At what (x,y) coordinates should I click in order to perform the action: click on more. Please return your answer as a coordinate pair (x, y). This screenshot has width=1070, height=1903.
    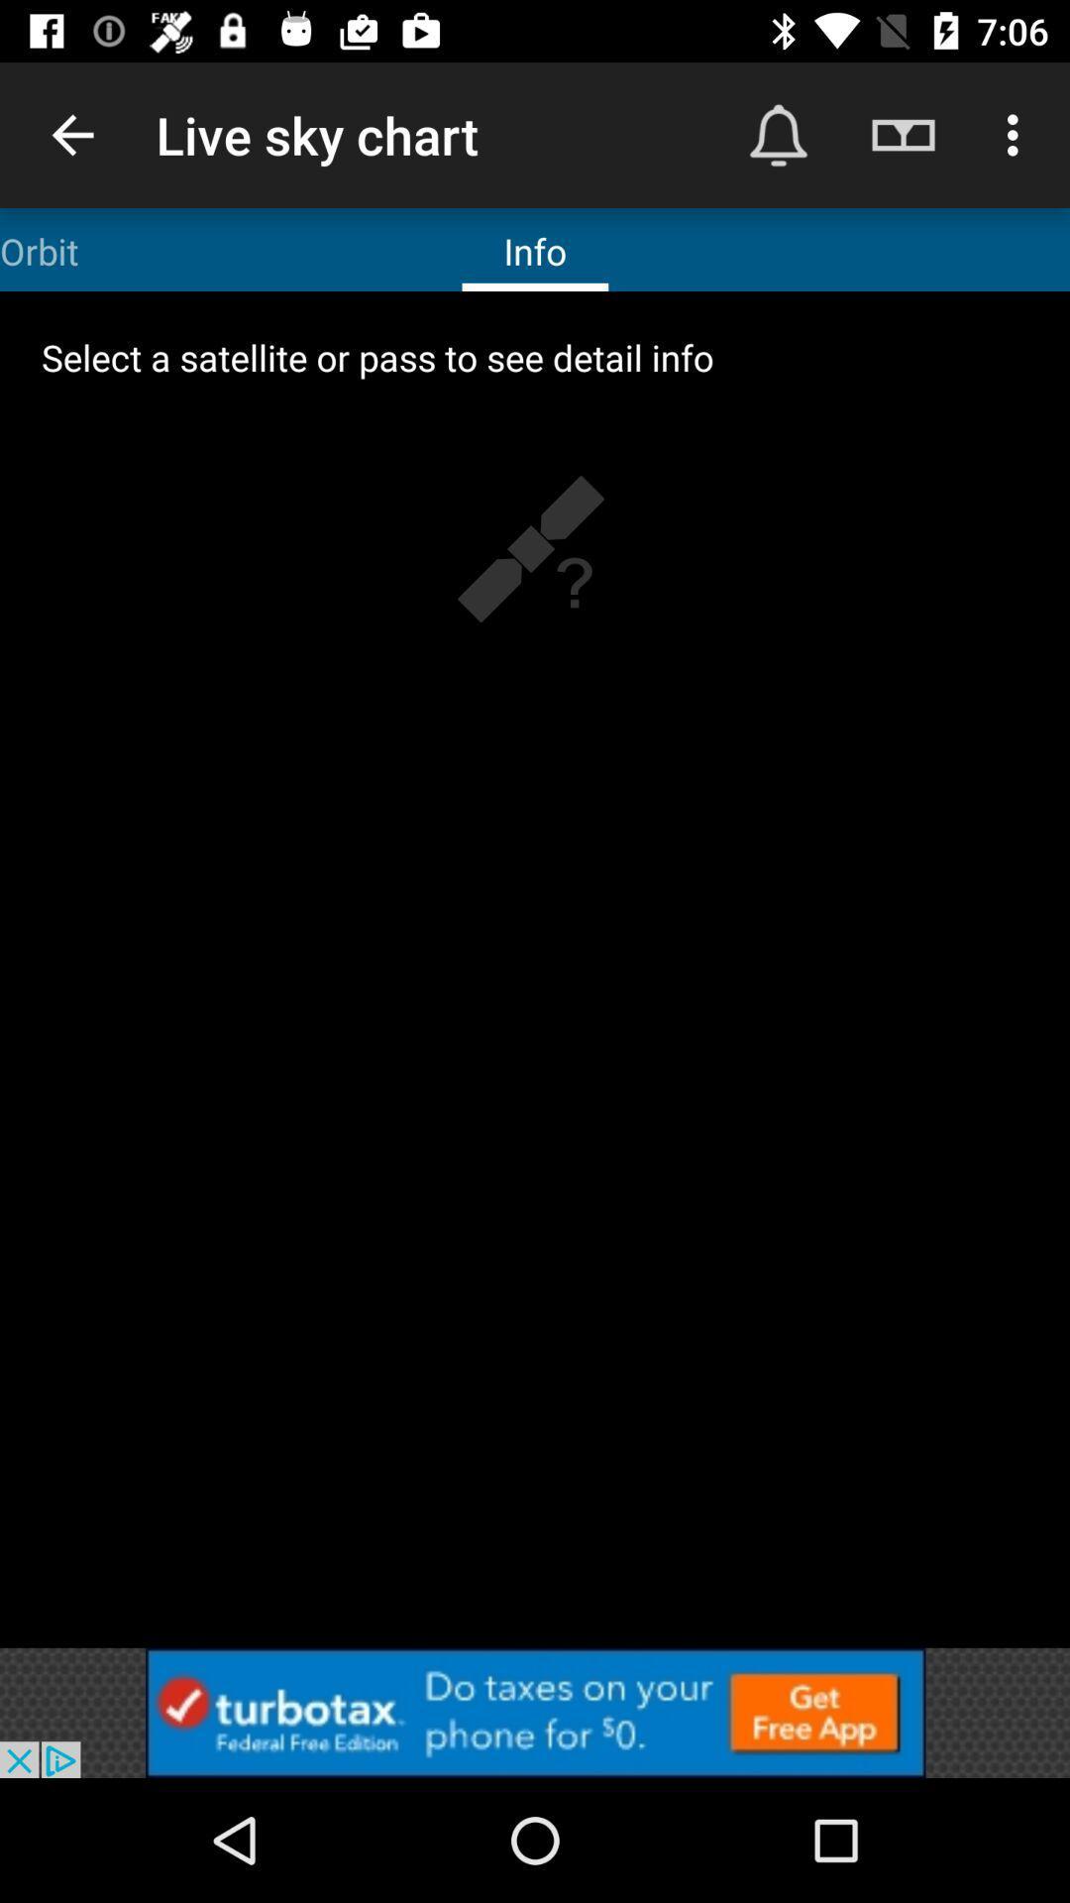
    Looking at the image, I should click on (535, 1712).